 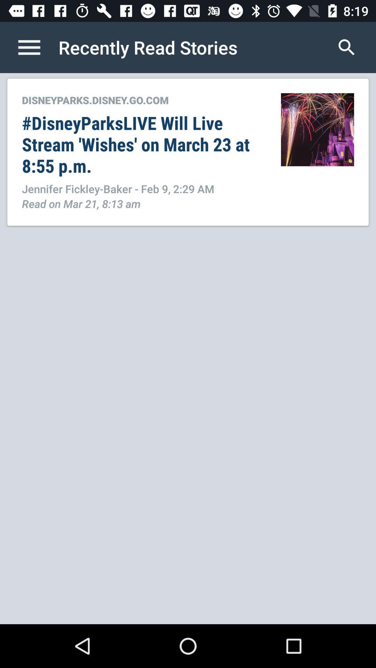 I want to click on read on mar icon, so click(x=81, y=203).